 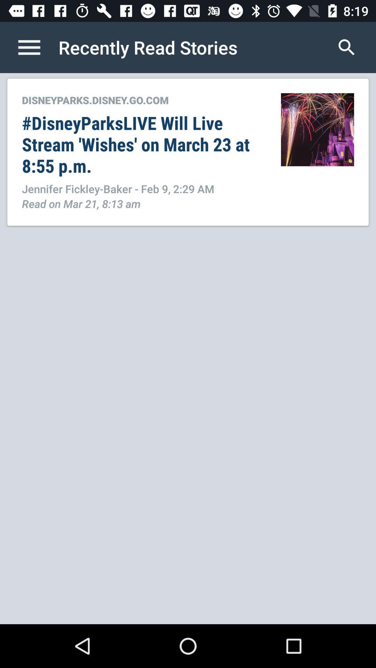 I want to click on read on mar icon, so click(x=81, y=203).